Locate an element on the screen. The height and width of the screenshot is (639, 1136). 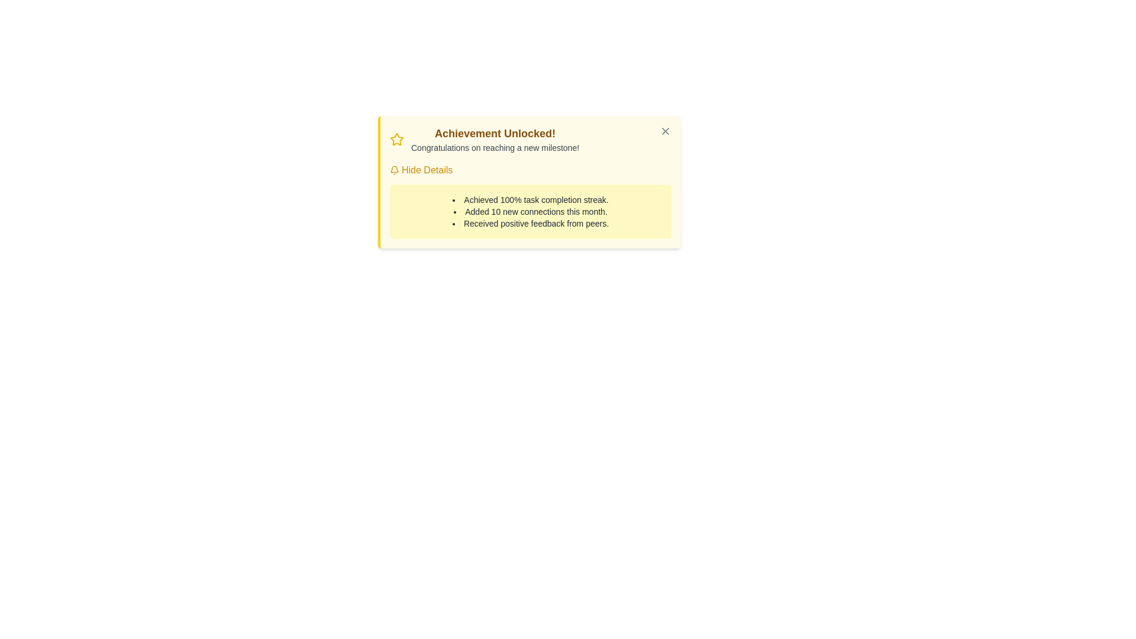
text item that states 'Received positive feedback from peers.' from the bulleted list of achievements is located at coordinates (530, 224).